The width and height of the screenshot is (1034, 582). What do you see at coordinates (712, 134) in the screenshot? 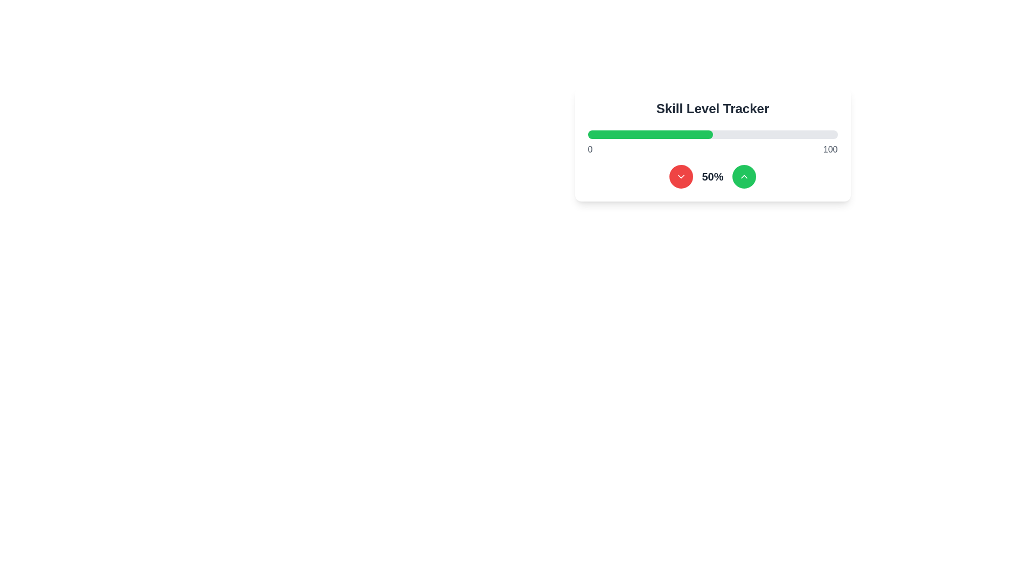
I see `Progress bar that visually represents the skill level percentage, located in the 'Skill Level Tracker' section, positioned below the title text` at bounding box center [712, 134].